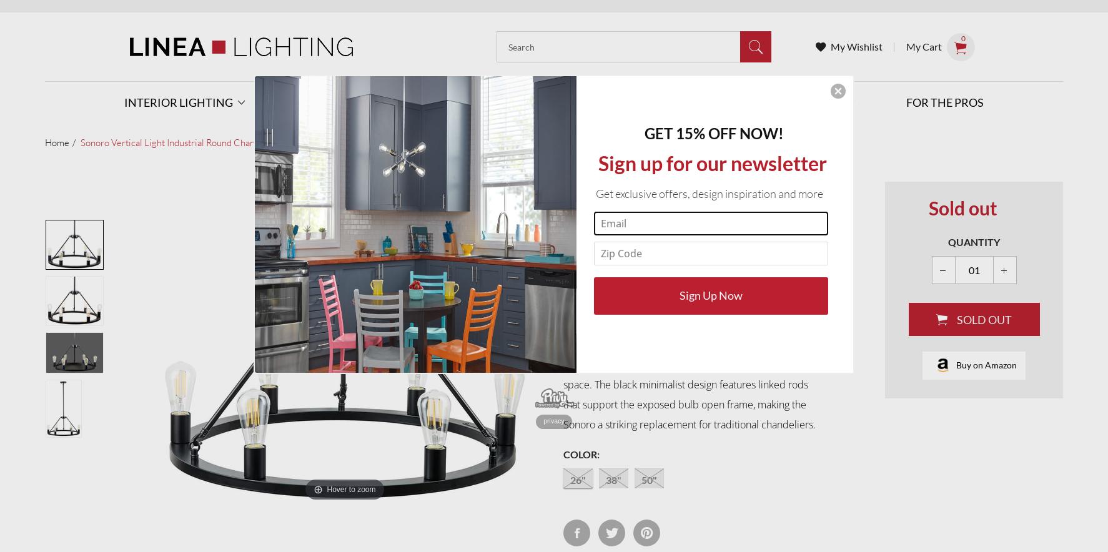 Image resolution: width=1108 pixels, height=552 pixels. What do you see at coordinates (693, 262) in the screenshot?
I see `'Installation instructions'` at bounding box center [693, 262].